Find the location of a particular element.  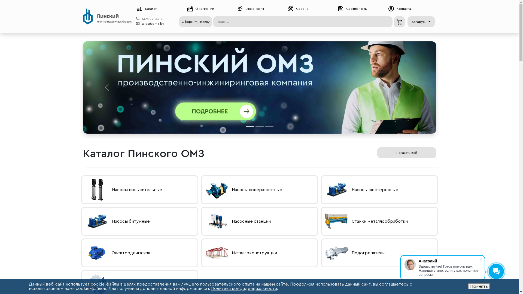

'Previous' is located at coordinates (106, 87).